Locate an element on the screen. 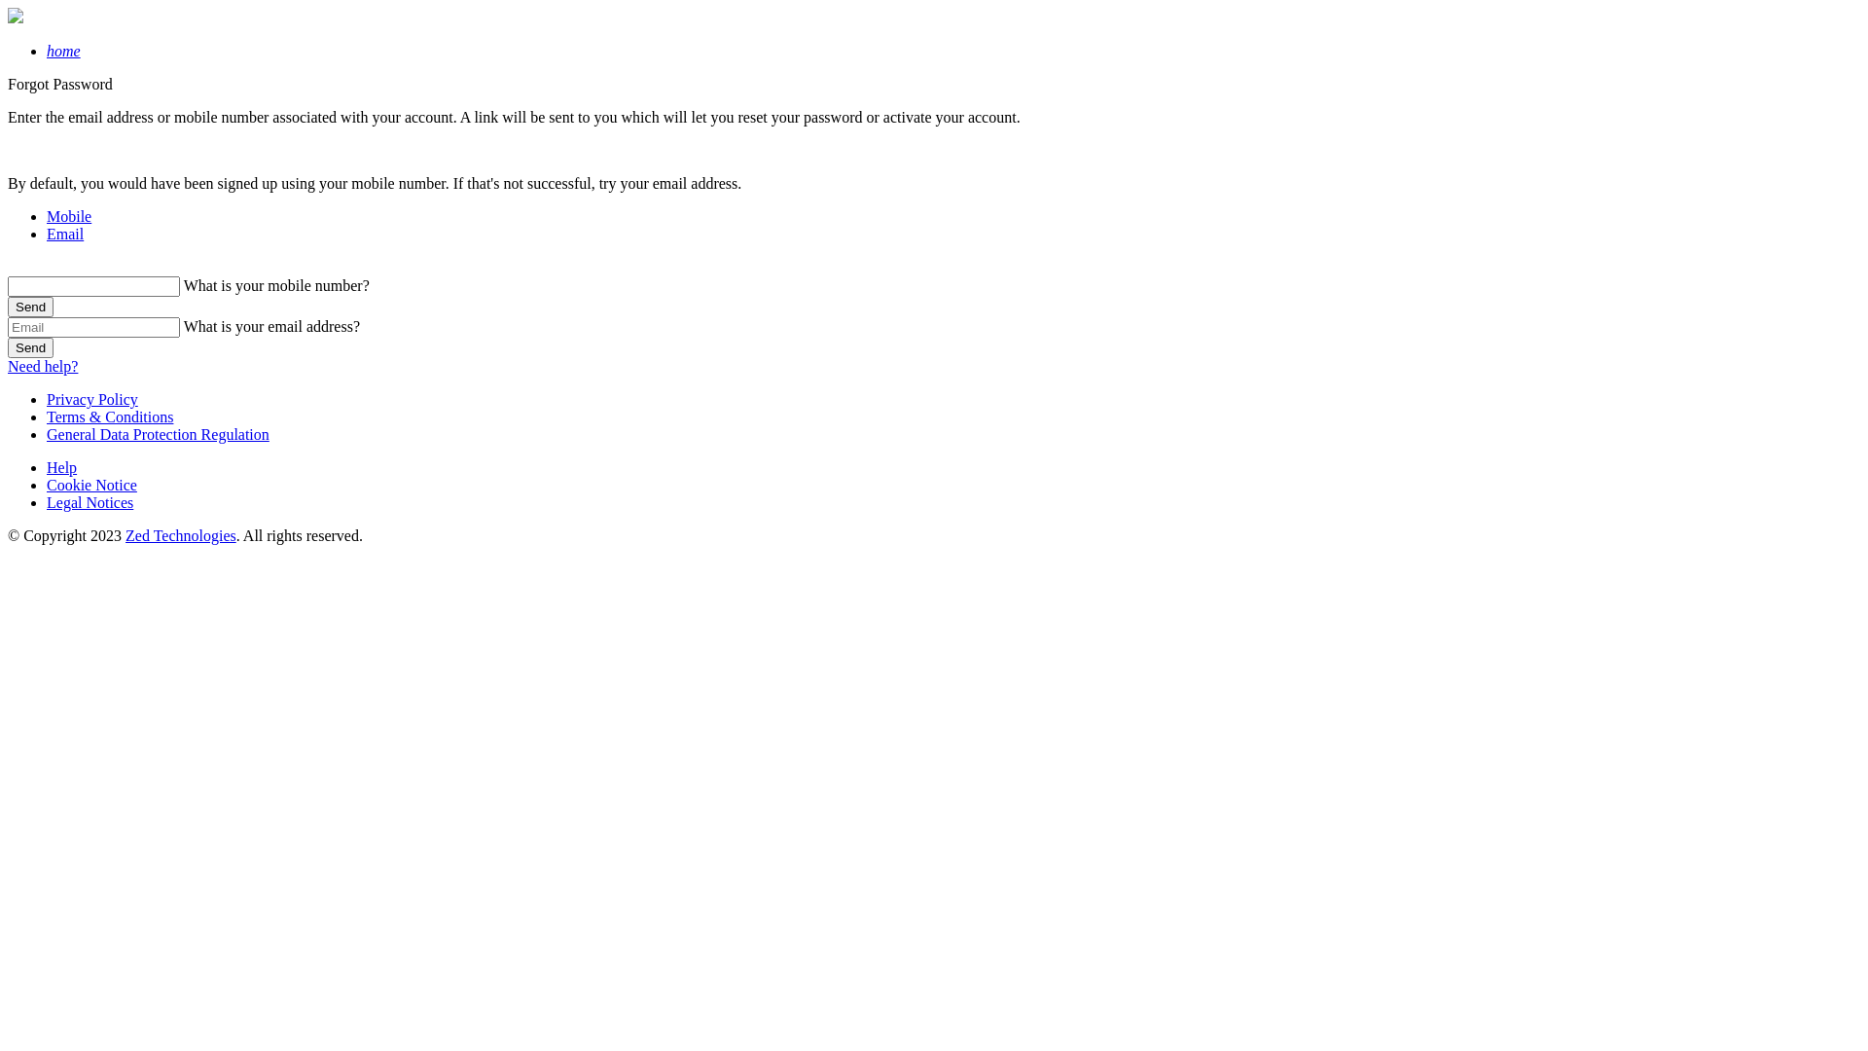 This screenshot has width=1868, height=1051. 'Send' is located at coordinates (30, 307).